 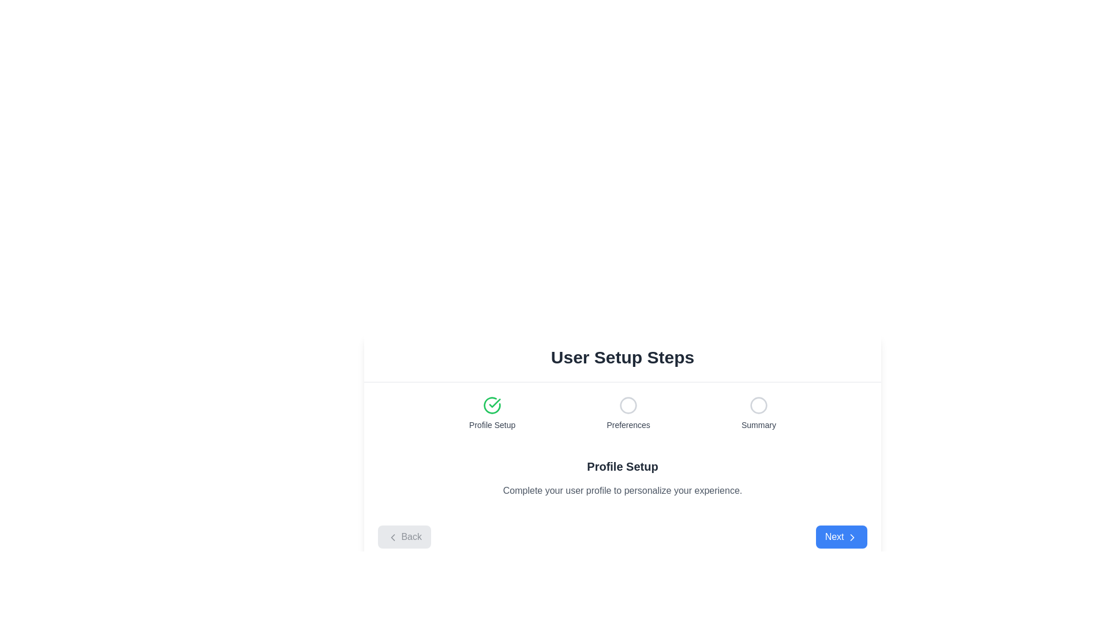 I want to click on the 'Summary' step indicator, which is the third and rightmost item in the horizontal row of user setup steps, so click(x=759, y=413).